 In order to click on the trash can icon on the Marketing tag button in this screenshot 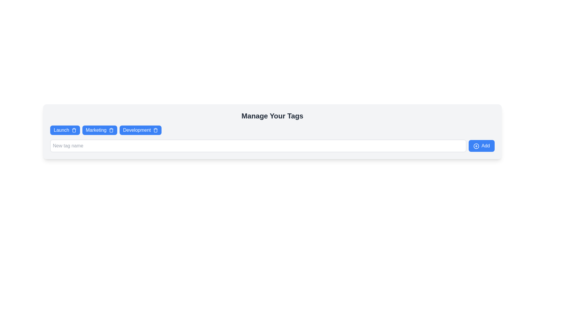, I will do `click(100, 130)`.